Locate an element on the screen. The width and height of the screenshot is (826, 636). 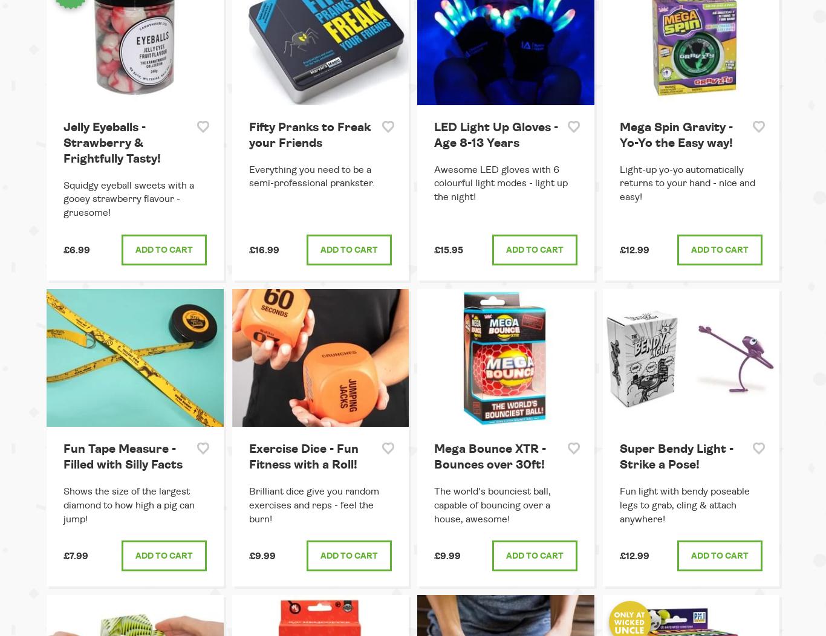
'Exercise Dice - Fun Fitness with a Roll!' is located at coordinates (303, 456).